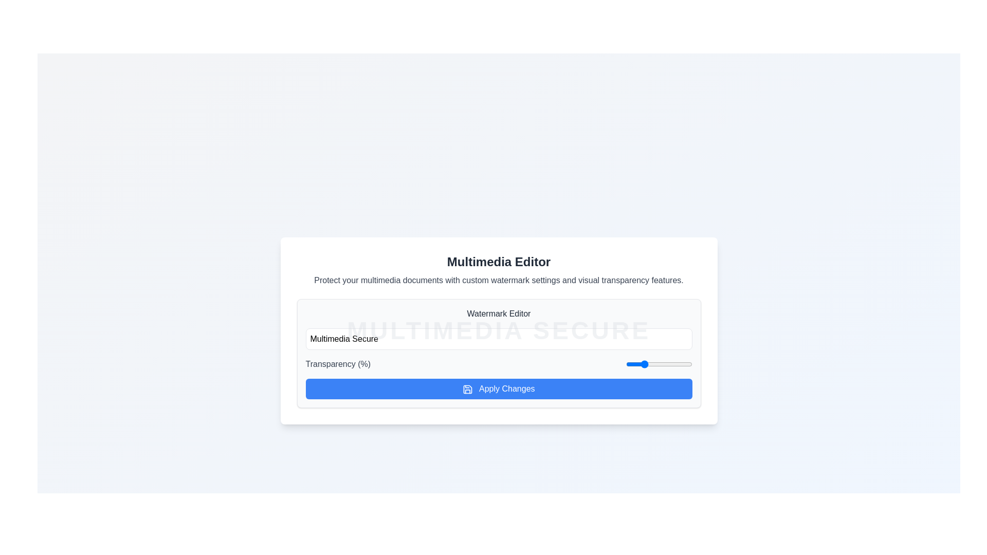 The image size is (987, 555). Describe the element at coordinates (499, 281) in the screenshot. I see `the static text label that informs users about watermark settings and transparency customization, located below the 'Multimedia Editor' heading` at that location.